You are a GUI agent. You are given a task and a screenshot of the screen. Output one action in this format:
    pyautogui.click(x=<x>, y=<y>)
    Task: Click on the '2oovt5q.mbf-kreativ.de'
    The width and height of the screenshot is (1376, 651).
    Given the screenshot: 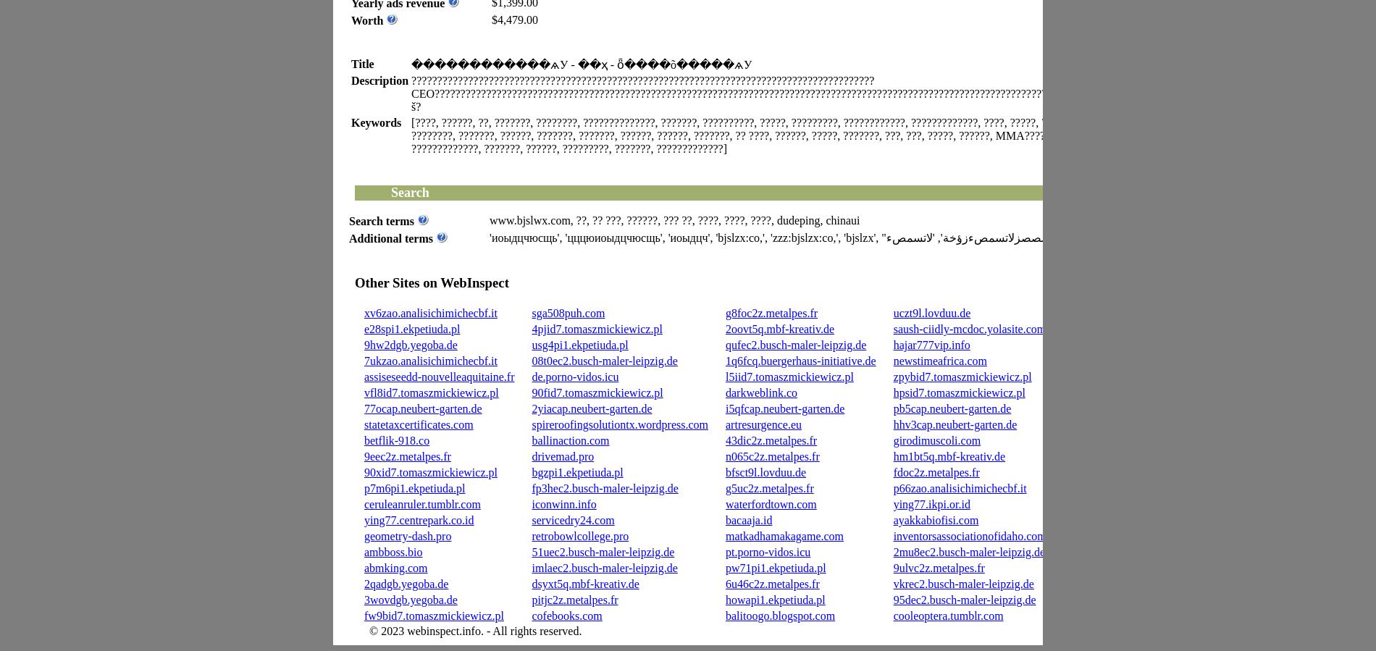 What is the action you would take?
    pyautogui.click(x=779, y=329)
    